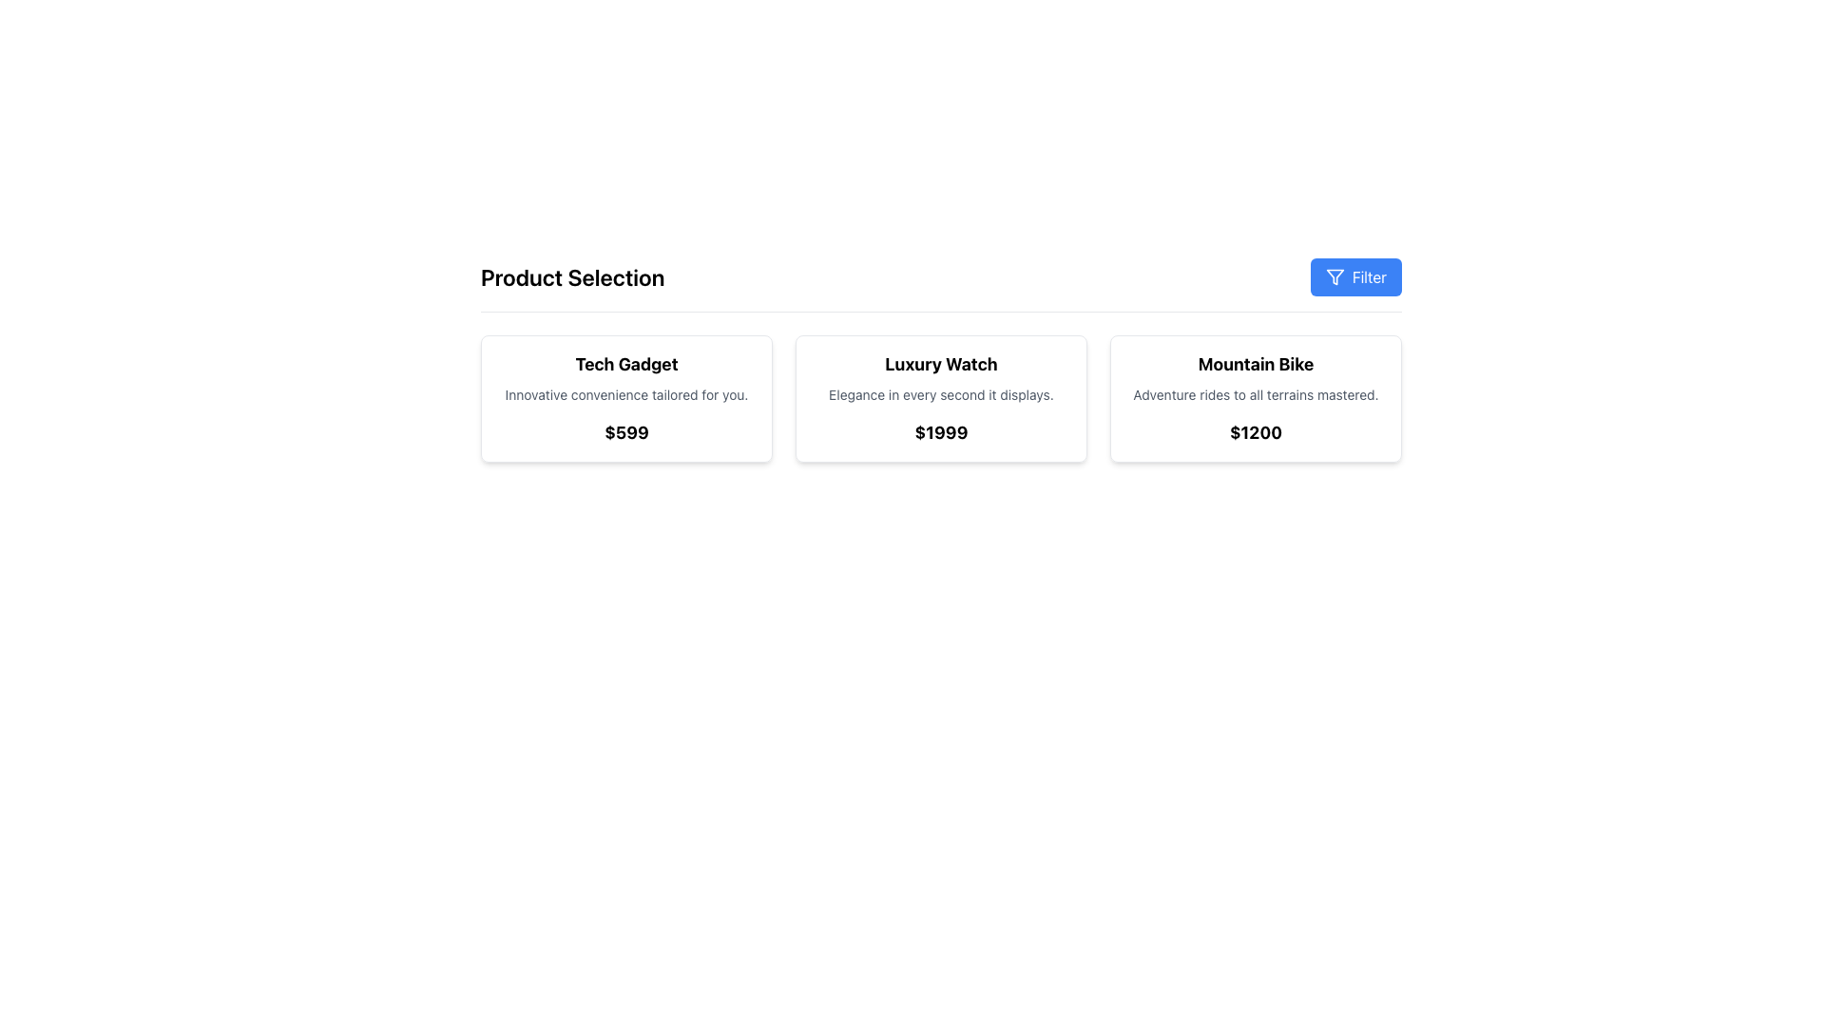 The height and width of the screenshot is (1026, 1825). What do you see at coordinates (1256, 394) in the screenshot?
I see `the Text Label that provides a brief description of the 'Mountain Bike' product, located below the title and above the price` at bounding box center [1256, 394].